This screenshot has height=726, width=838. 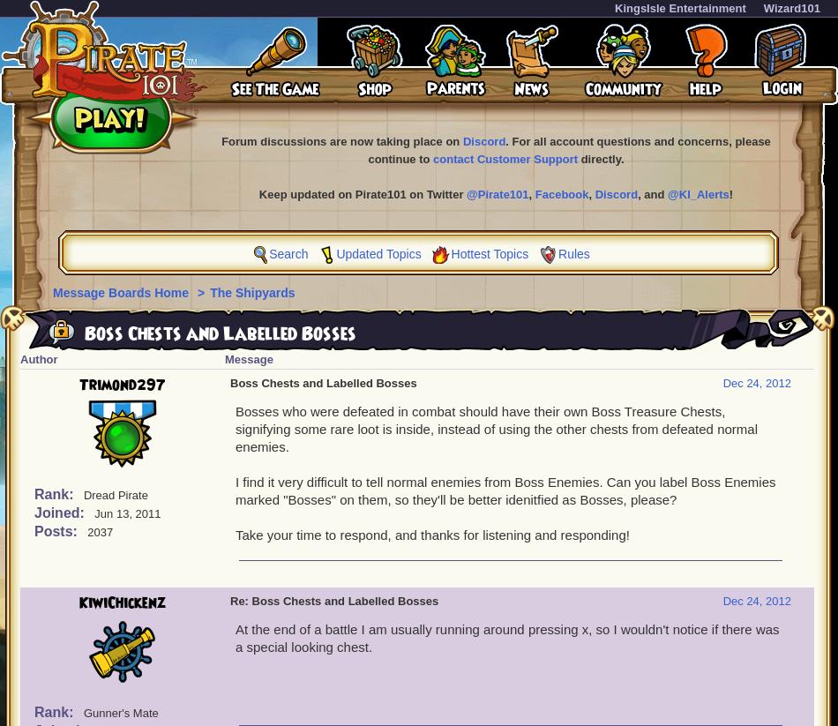 I want to click on 'Hottest Topics', so click(x=489, y=253).